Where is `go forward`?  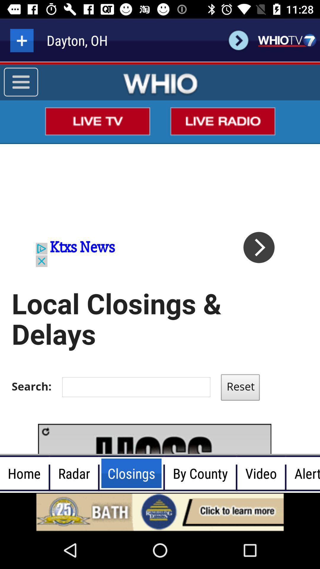 go forward is located at coordinates (238, 40).